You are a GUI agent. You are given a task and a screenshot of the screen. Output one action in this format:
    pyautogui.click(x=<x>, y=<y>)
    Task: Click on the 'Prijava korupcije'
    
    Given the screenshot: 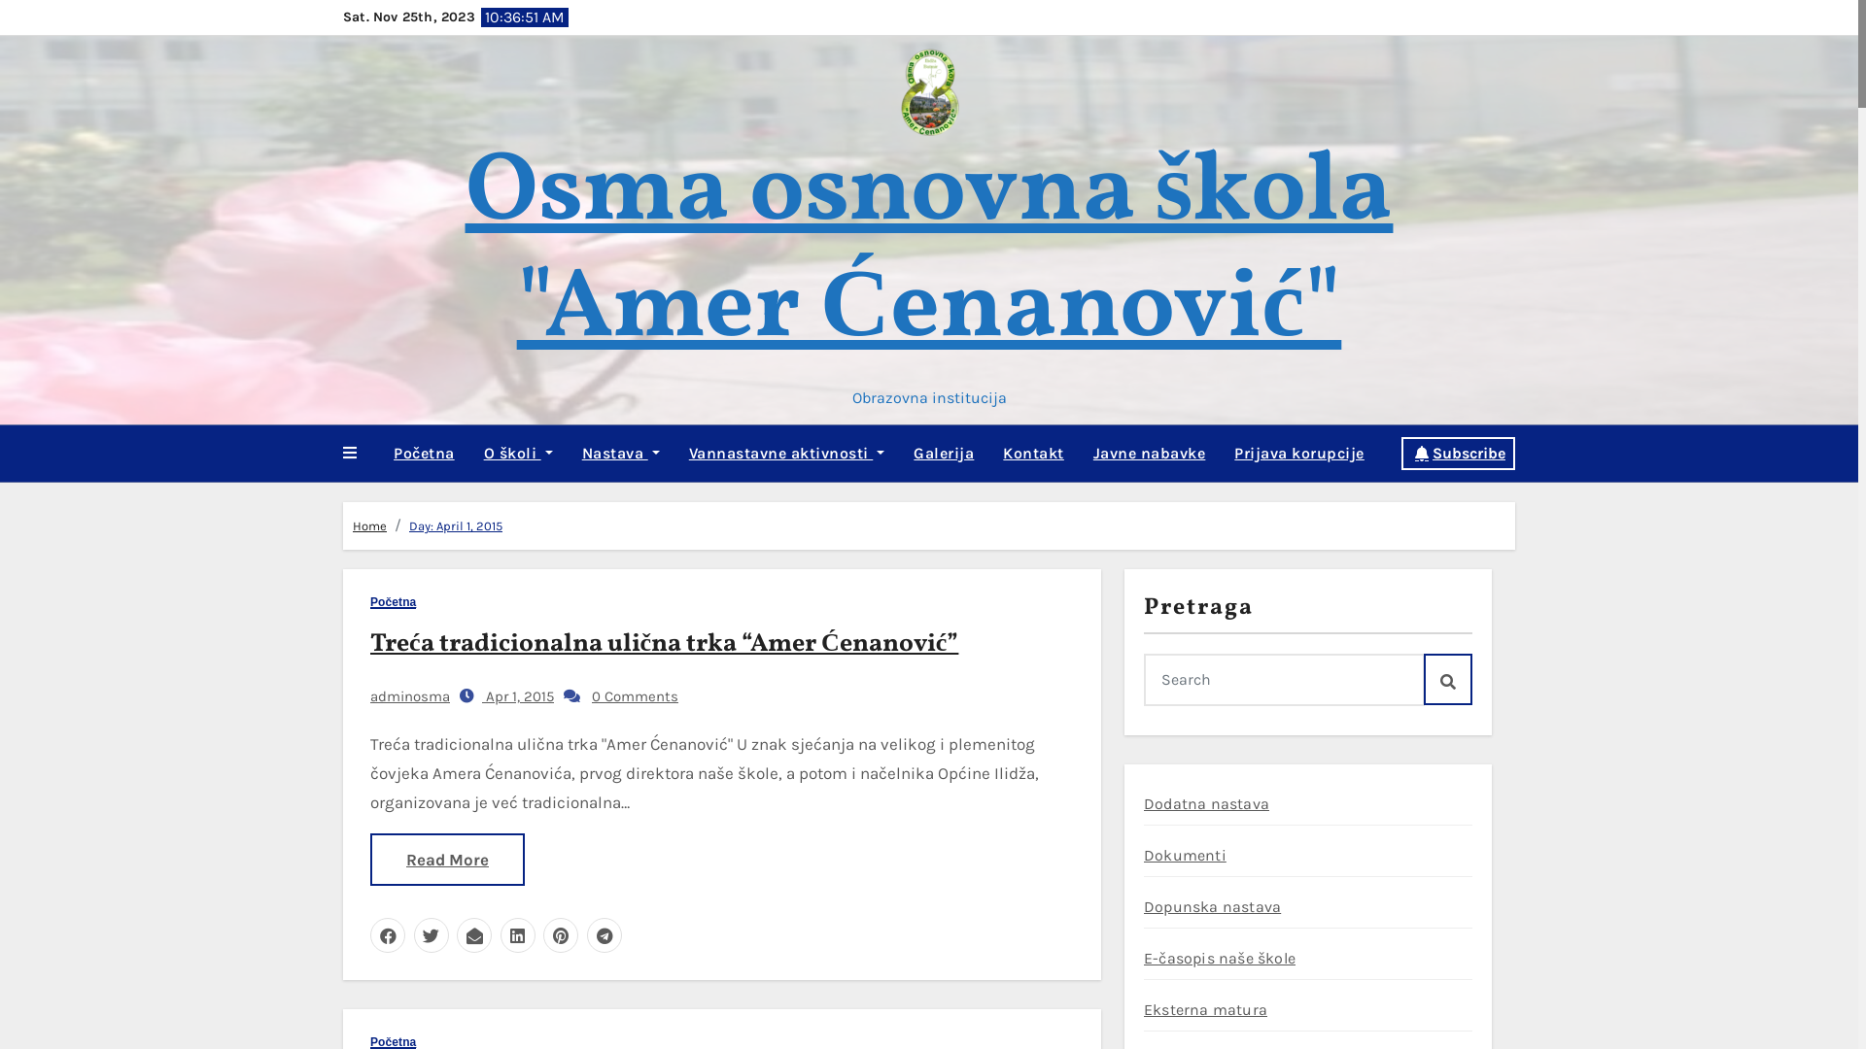 What is the action you would take?
    pyautogui.click(x=1299, y=453)
    